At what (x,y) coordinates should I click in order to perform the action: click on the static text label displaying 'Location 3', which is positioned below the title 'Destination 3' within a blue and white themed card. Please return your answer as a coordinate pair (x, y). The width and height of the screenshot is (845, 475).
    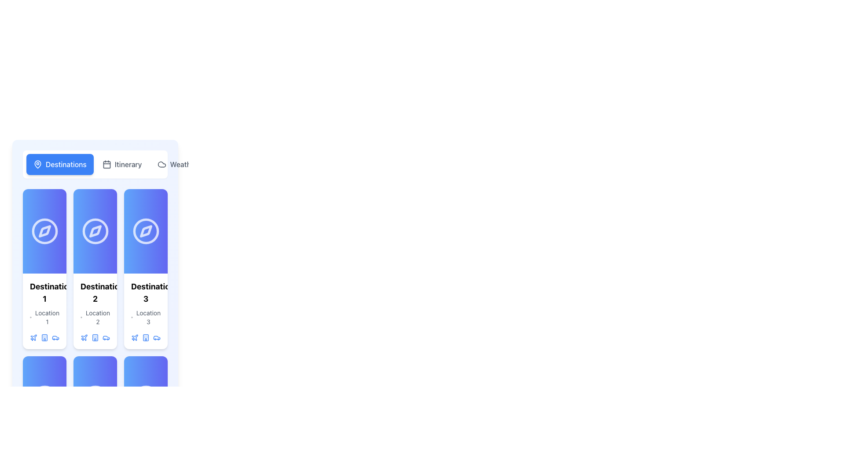
    Looking at the image, I should click on (148, 317).